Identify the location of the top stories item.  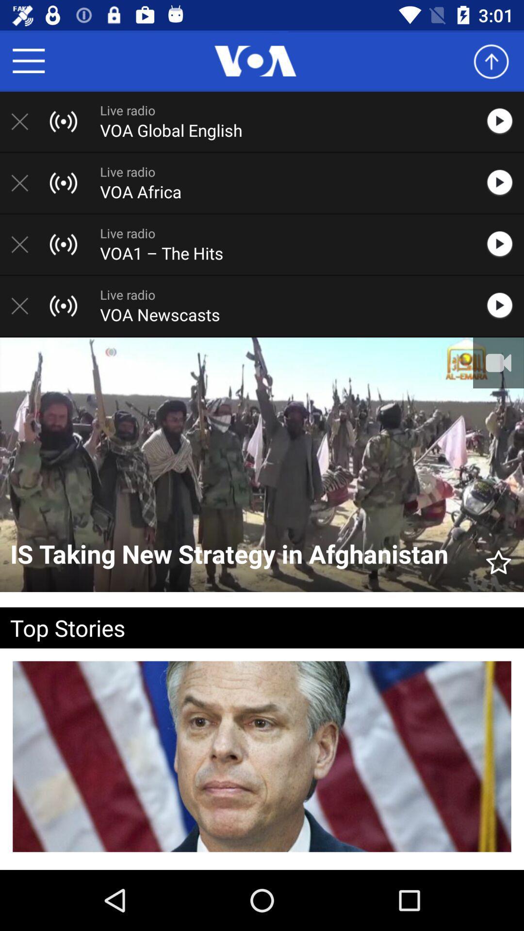
(246, 627).